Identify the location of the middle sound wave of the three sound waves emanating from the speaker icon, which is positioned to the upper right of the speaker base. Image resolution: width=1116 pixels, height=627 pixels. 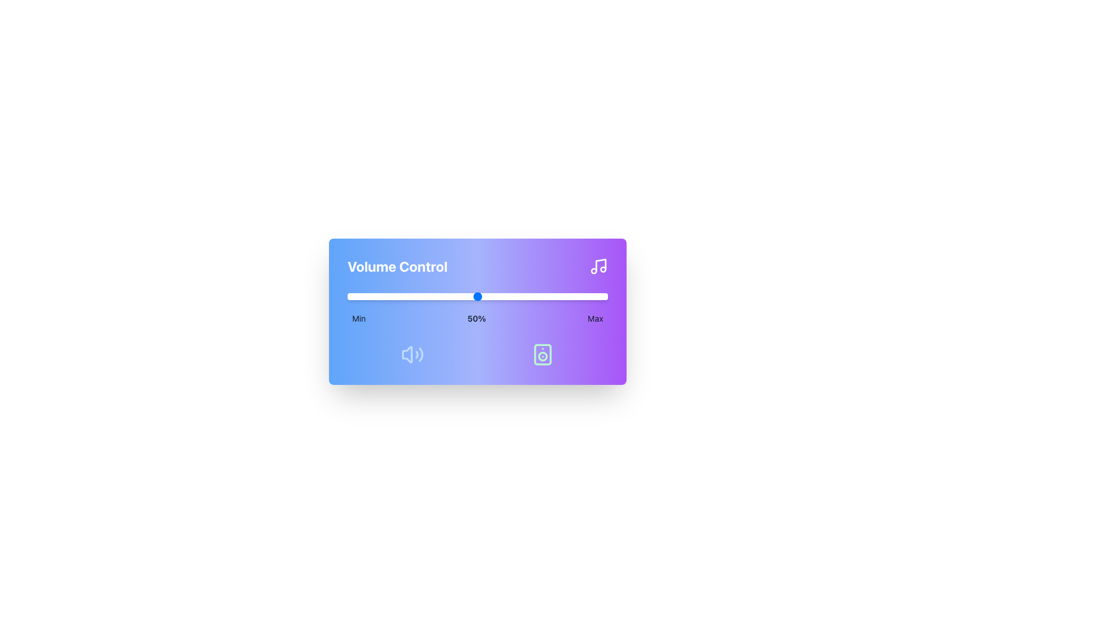
(417, 354).